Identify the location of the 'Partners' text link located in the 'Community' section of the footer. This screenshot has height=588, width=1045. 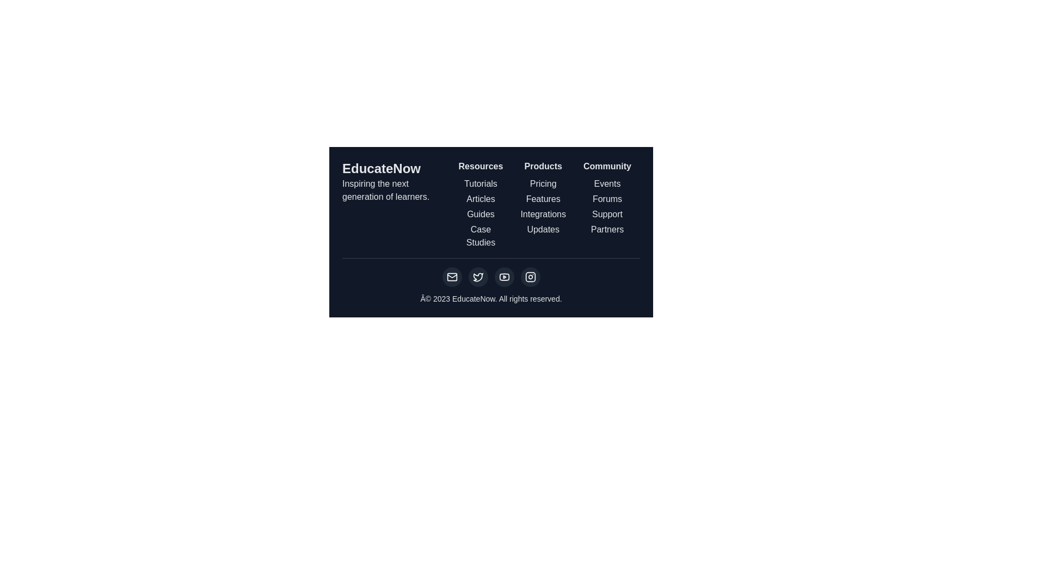
(607, 229).